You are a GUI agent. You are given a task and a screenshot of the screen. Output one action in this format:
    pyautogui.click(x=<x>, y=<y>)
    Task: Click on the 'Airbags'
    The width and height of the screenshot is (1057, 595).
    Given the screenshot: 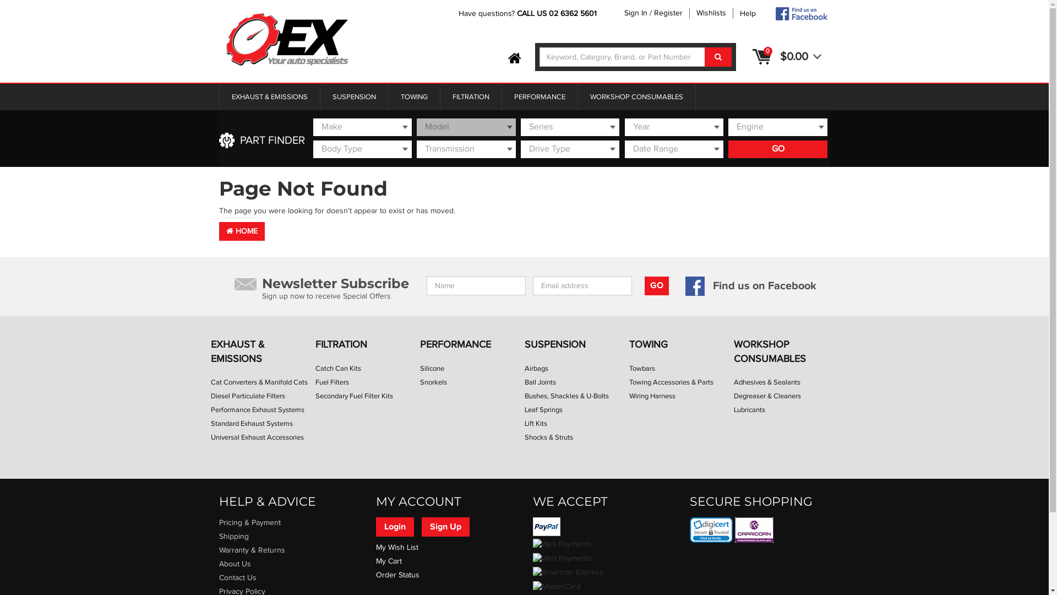 What is the action you would take?
    pyautogui.click(x=536, y=368)
    